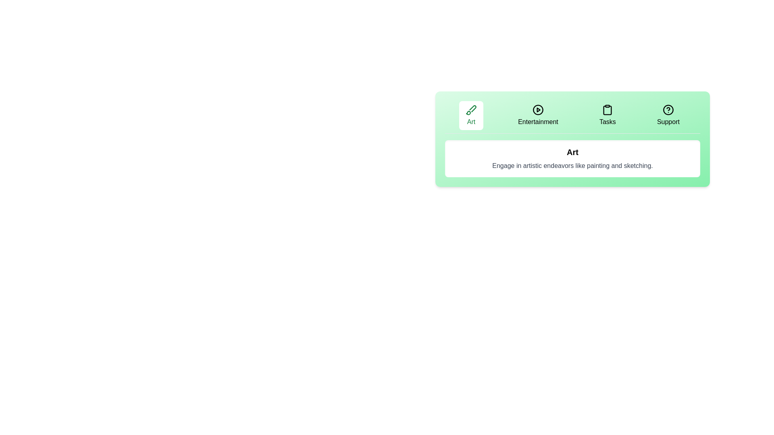  What do you see at coordinates (668, 110) in the screenshot?
I see `the circular outline icon containing a question mark, which is located above the 'Support' text in the navigation bar` at bounding box center [668, 110].